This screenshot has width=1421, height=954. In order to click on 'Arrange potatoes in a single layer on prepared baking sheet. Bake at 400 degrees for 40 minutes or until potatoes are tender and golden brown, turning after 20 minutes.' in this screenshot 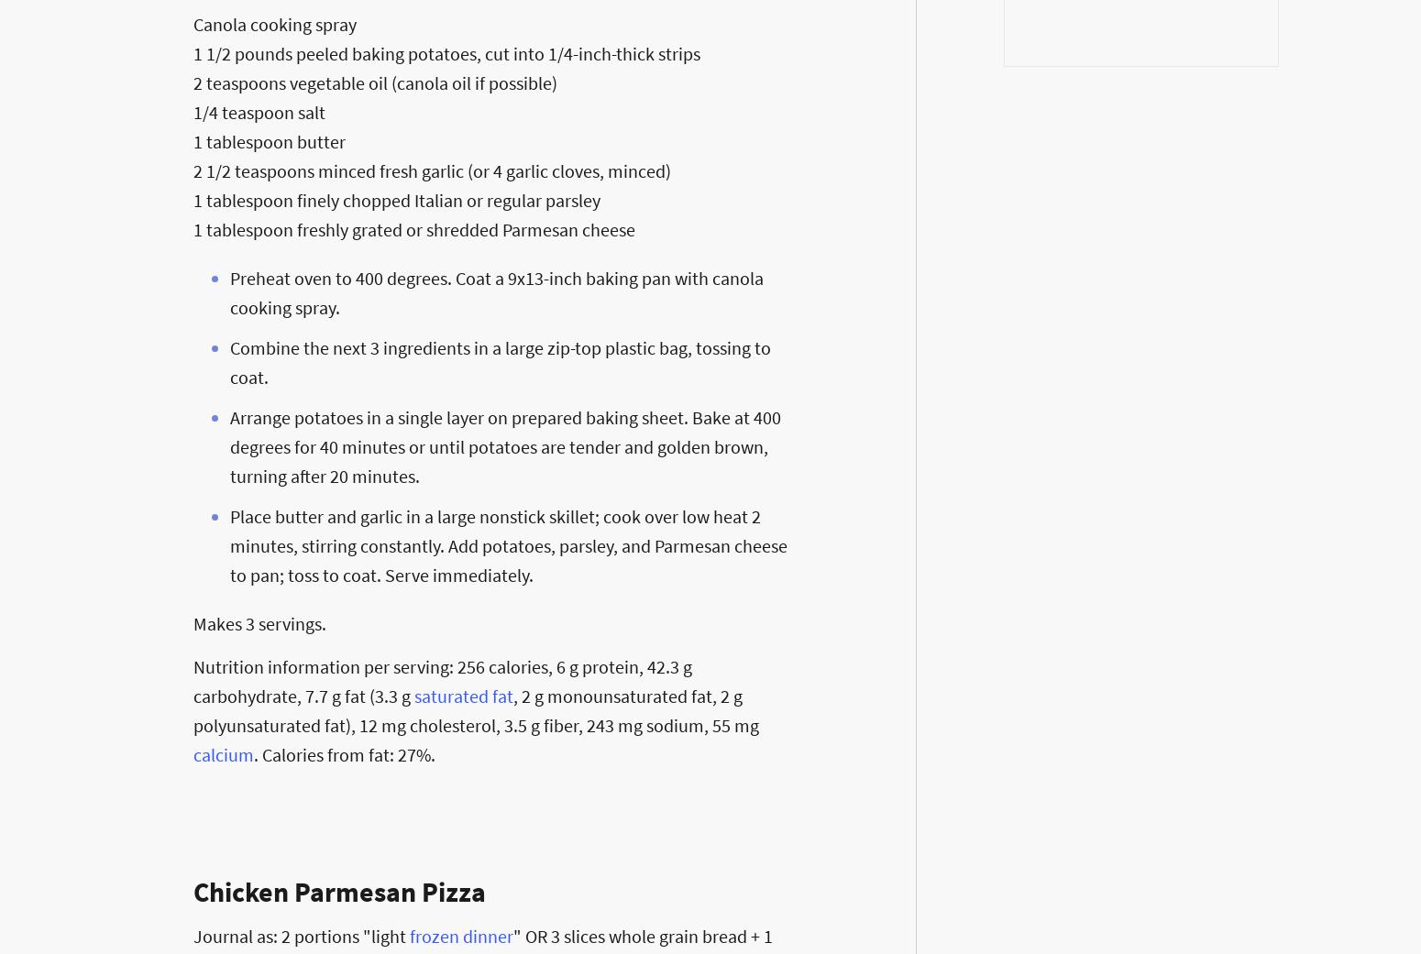, I will do `click(505, 445)`.